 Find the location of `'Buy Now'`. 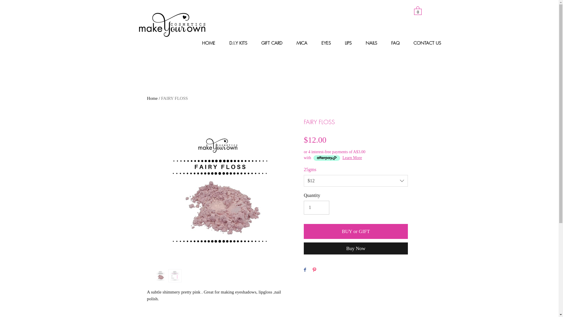

'Buy Now' is located at coordinates (355, 248).